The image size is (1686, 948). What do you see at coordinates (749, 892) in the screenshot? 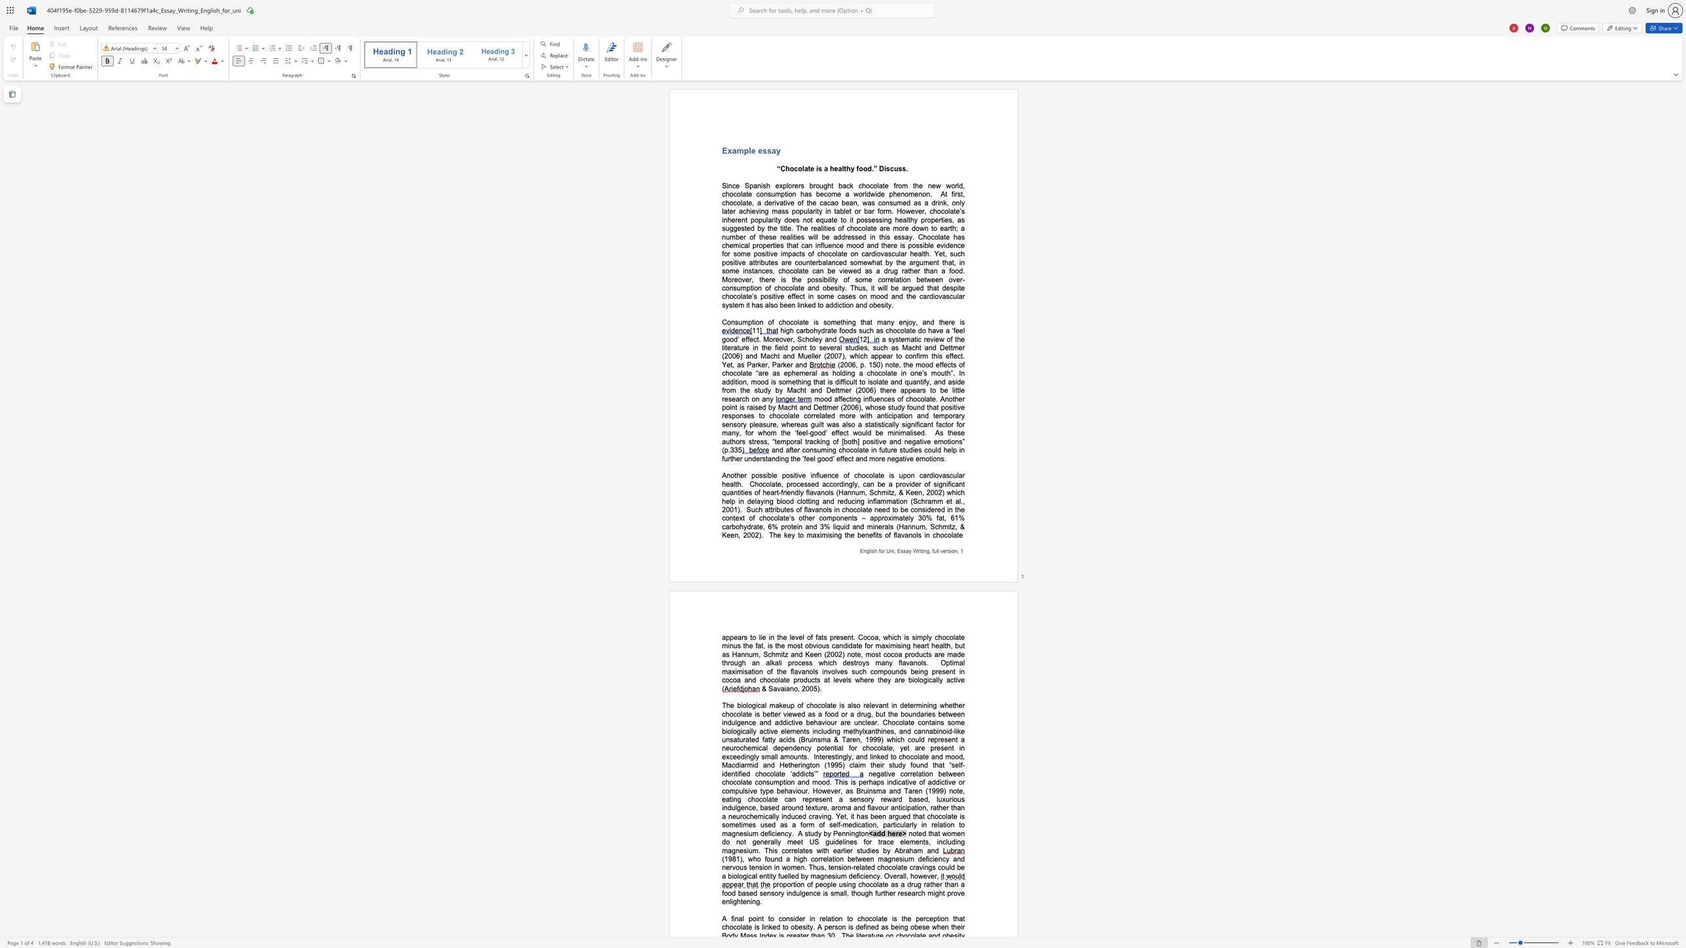
I see `the subset text "ed sensory indulgence is small, though further research might prove enli" within the text "proportion of people using chocolate as a drug rather than a food based sensory indulgence is small, though further research might prove enlightening."` at bounding box center [749, 892].